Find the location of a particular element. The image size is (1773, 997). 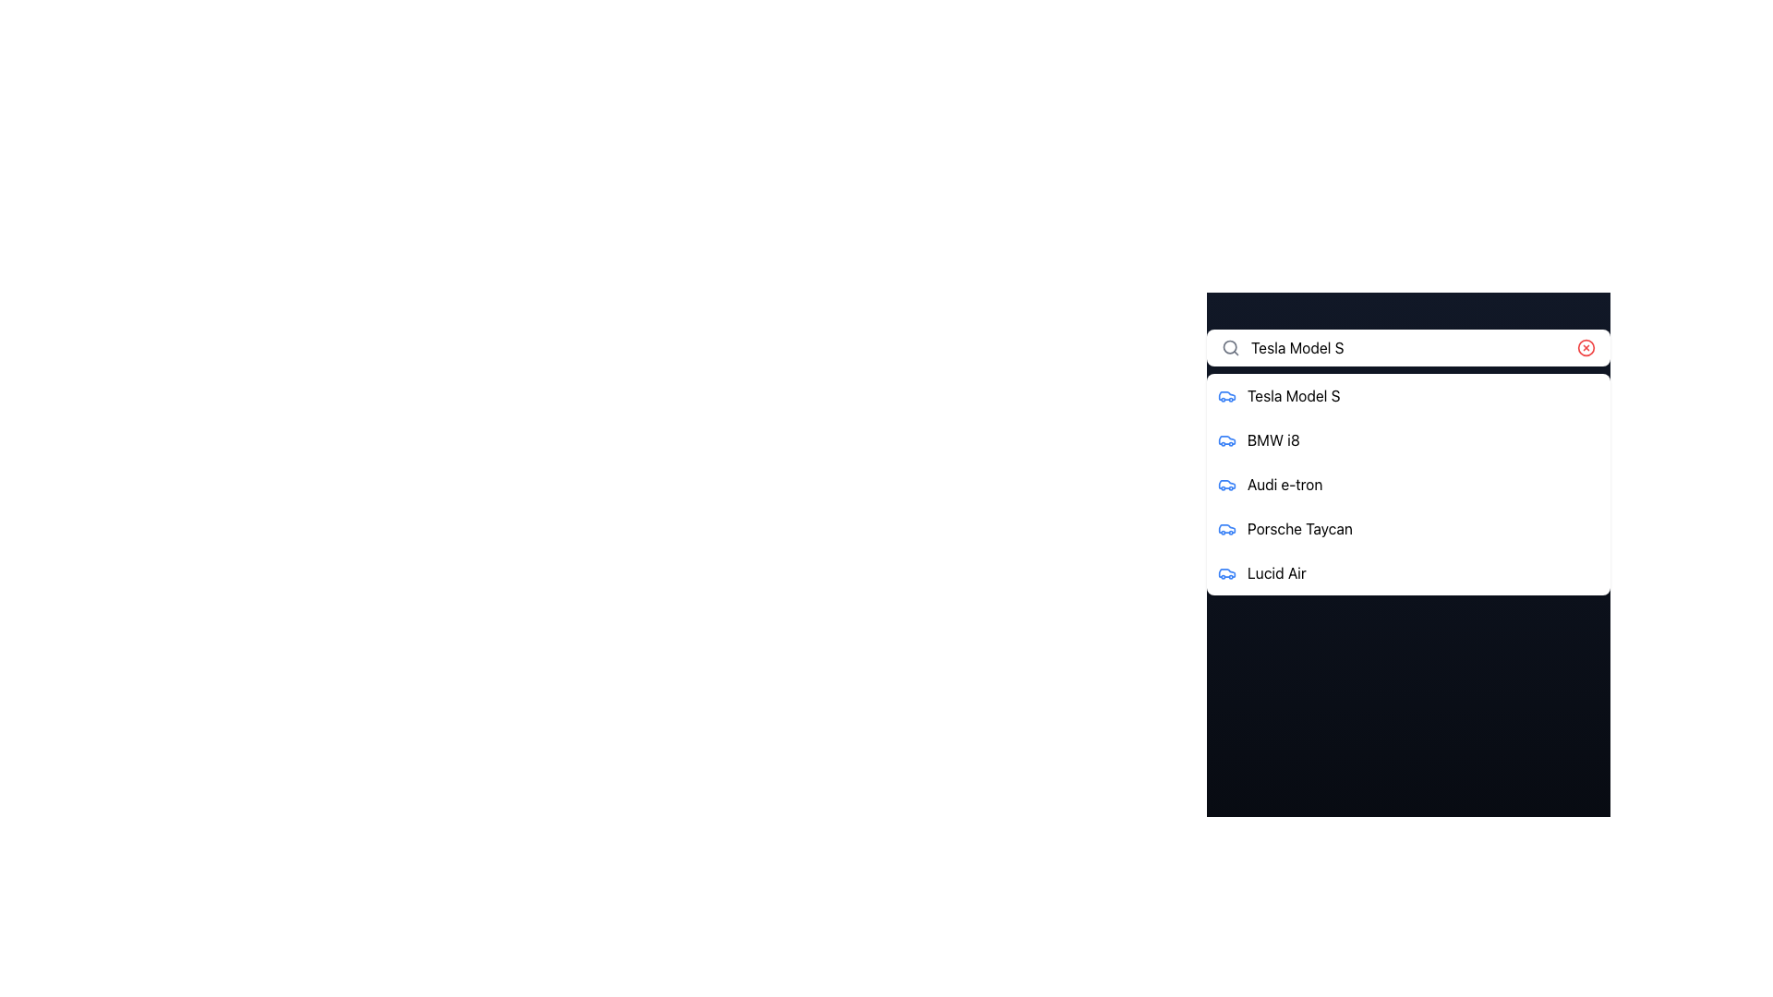

the circular lens element of the magnifying glass icon located at the start of the search field is located at coordinates (1230, 347).